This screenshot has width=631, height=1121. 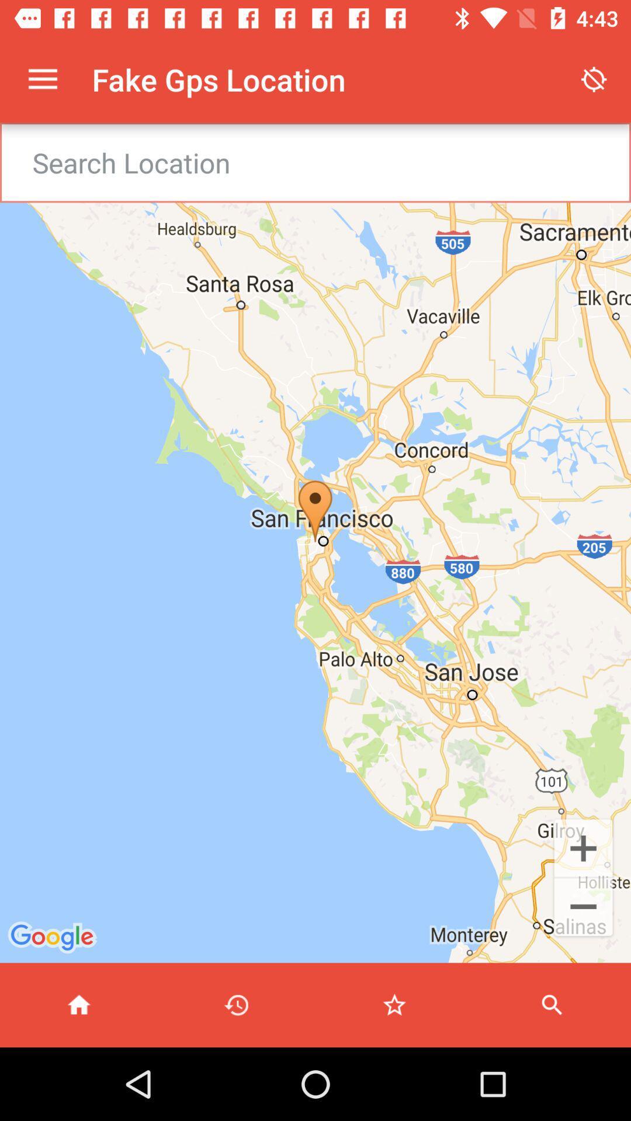 I want to click on search, so click(x=552, y=1004).